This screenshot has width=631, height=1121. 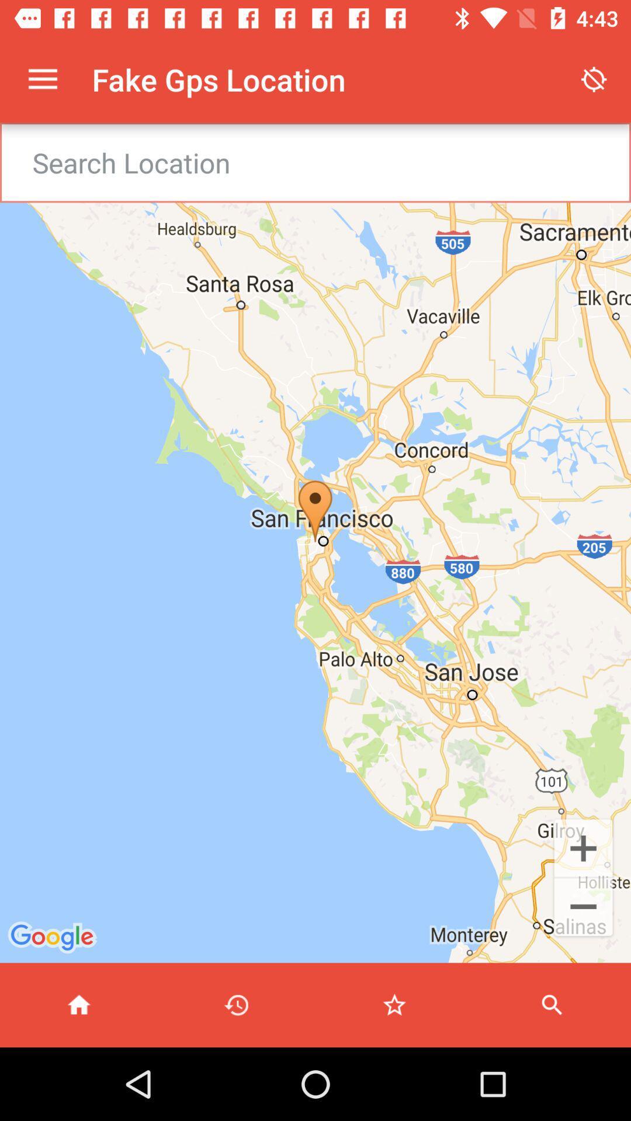 I want to click on search, so click(x=552, y=1004).